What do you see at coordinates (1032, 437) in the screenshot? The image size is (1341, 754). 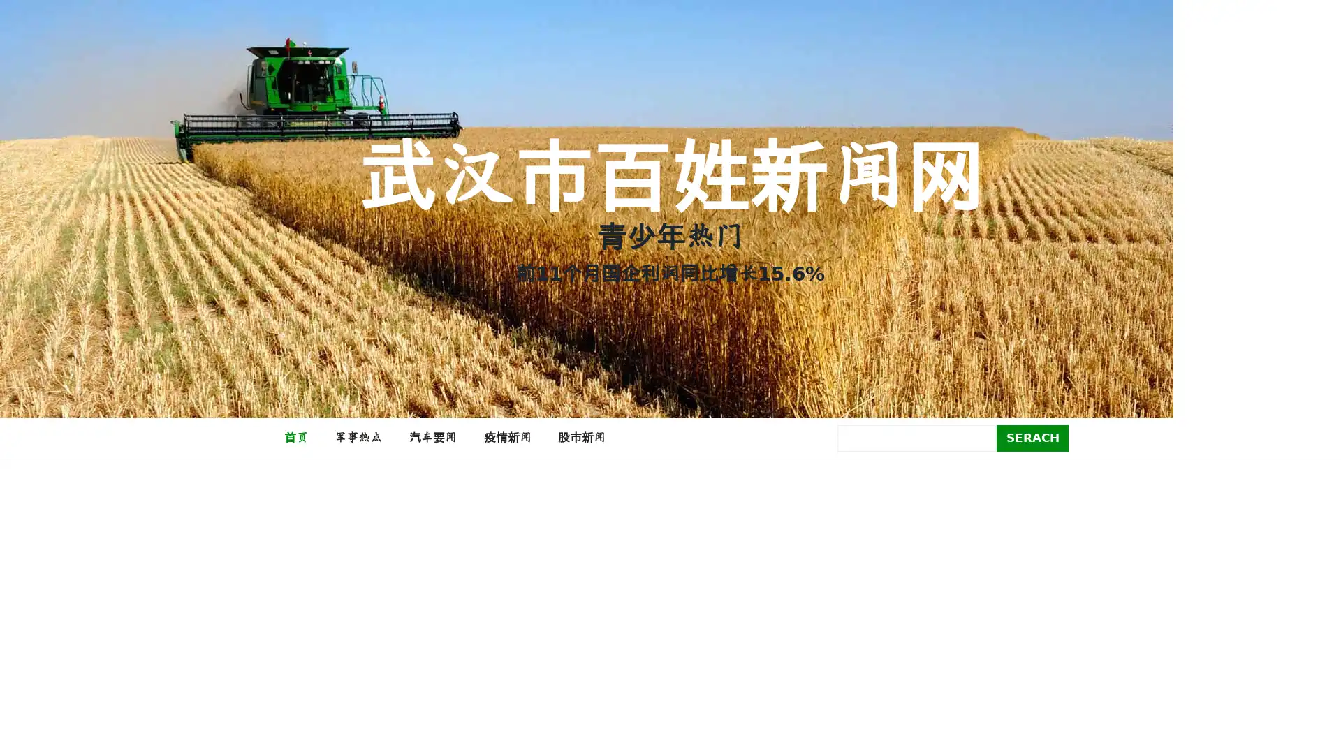 I see `serach` at bounding box center [1032, 437].